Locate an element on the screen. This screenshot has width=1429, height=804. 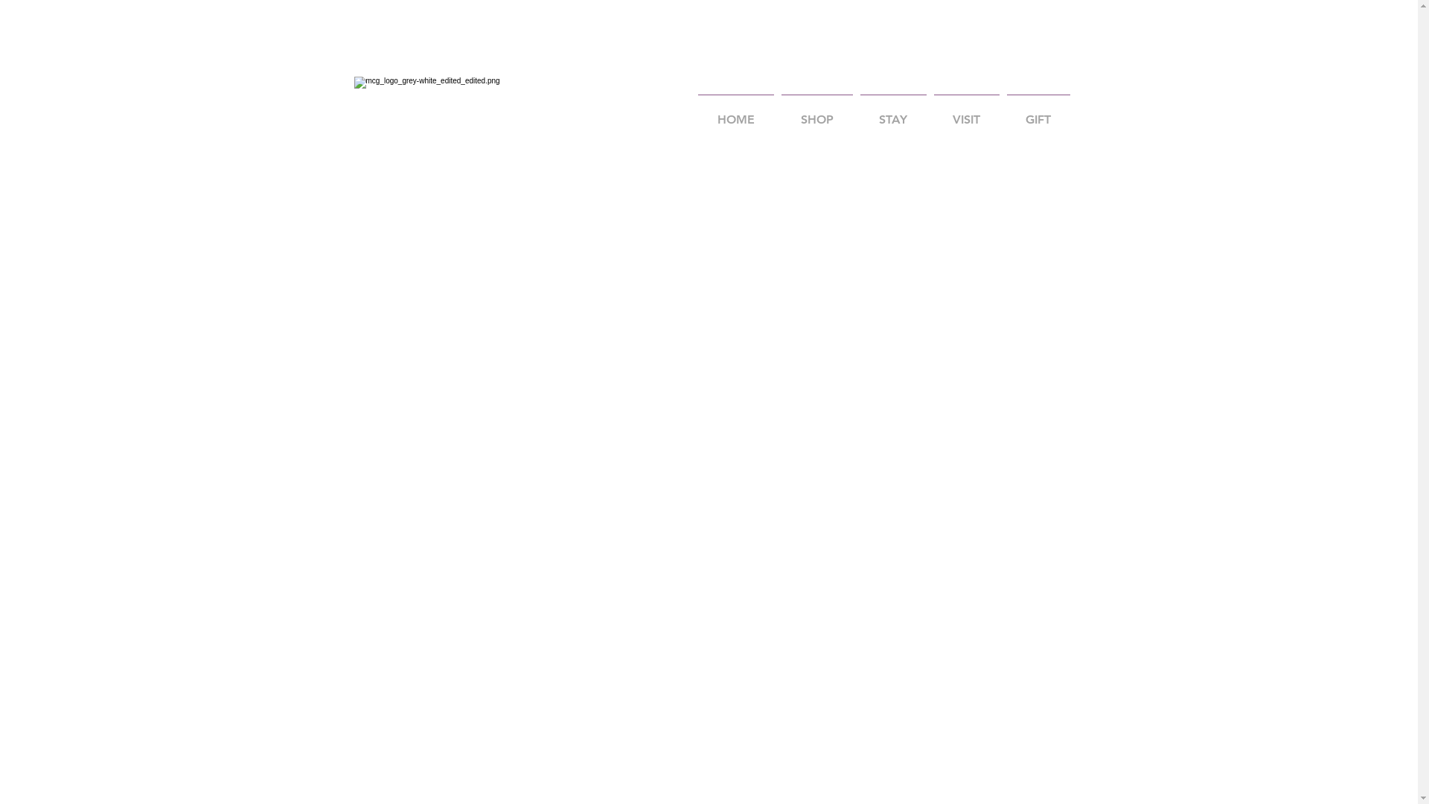
'GIFT' is located at coordinates (1038, 112).